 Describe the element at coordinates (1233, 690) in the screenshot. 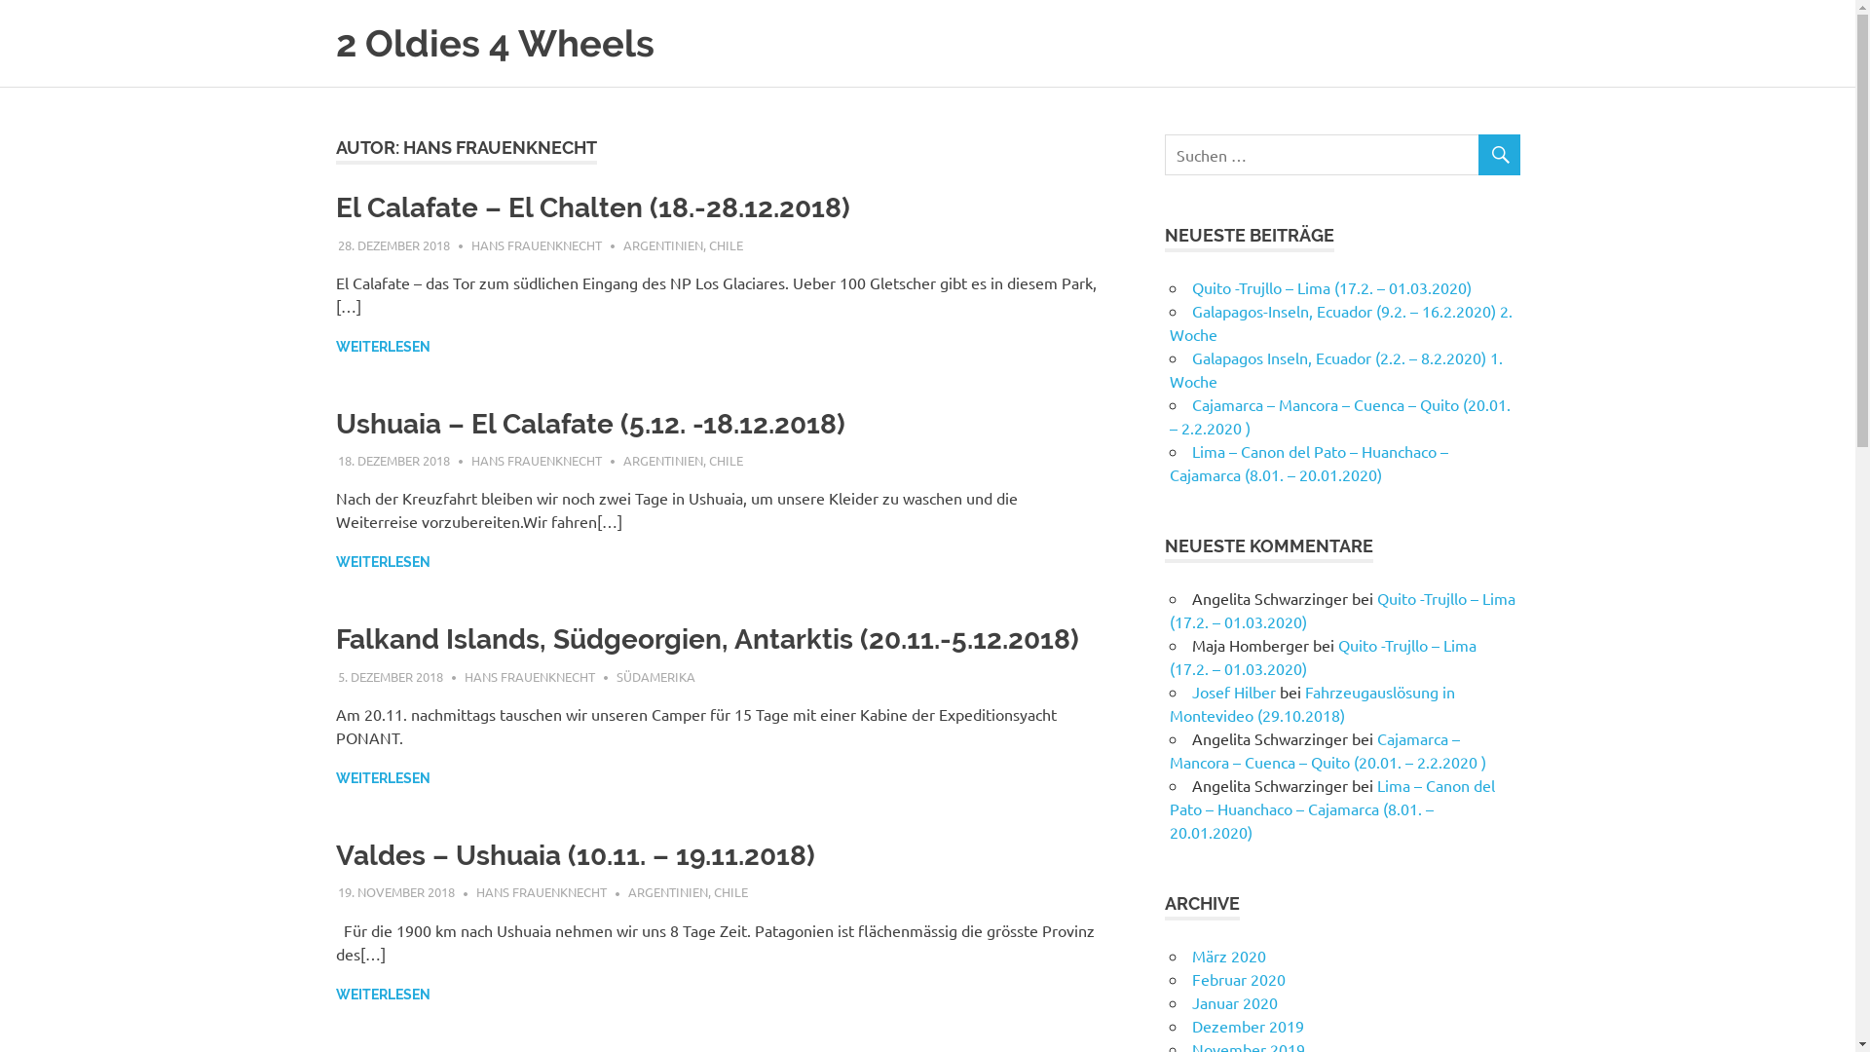

I see `'Josef Hilber'` at that location.